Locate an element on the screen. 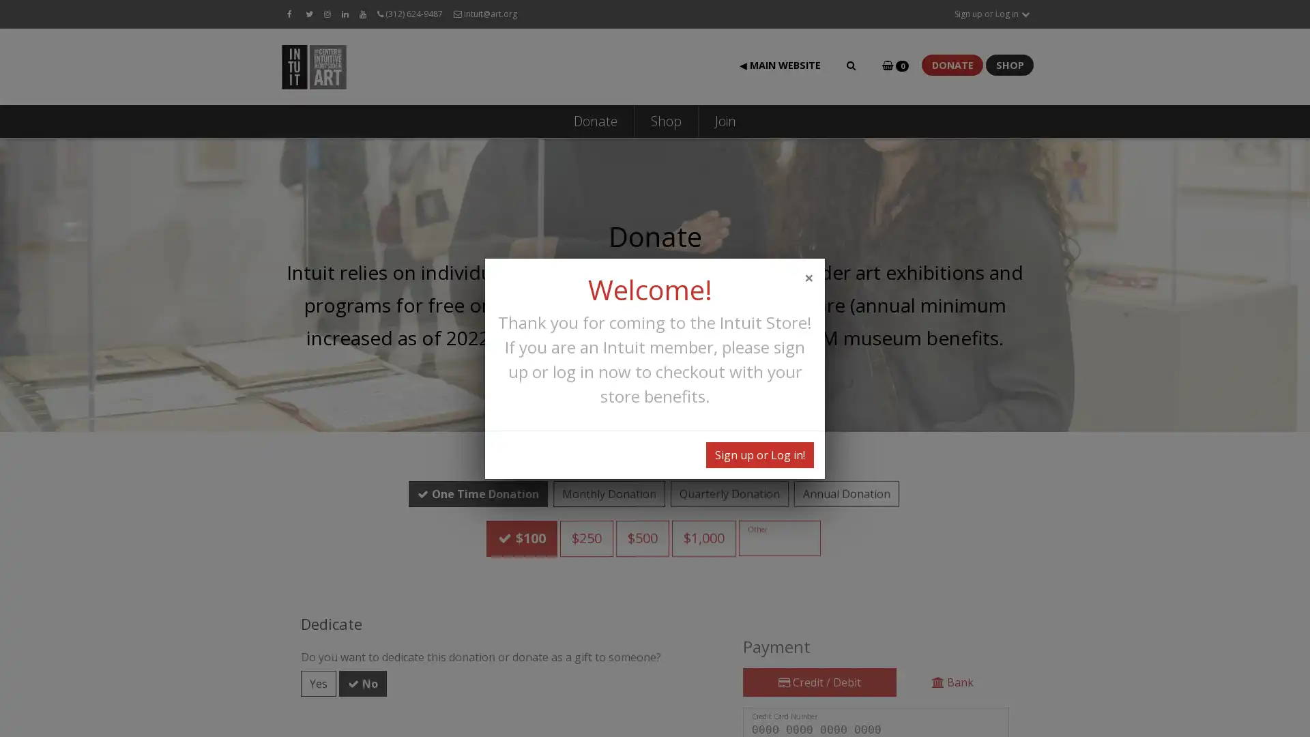 This screenshot has width=1310, height=737. Credit / Debit is located at coordinates (819, 635).